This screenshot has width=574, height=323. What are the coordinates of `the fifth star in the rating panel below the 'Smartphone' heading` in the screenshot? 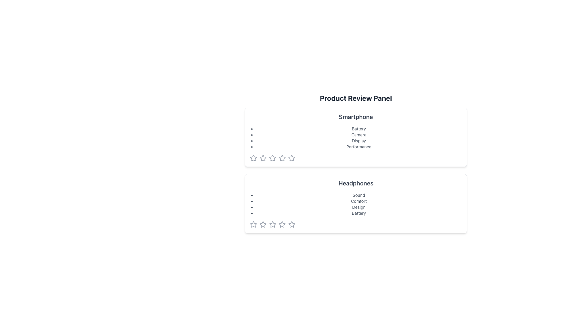 It's located at (291, 158).